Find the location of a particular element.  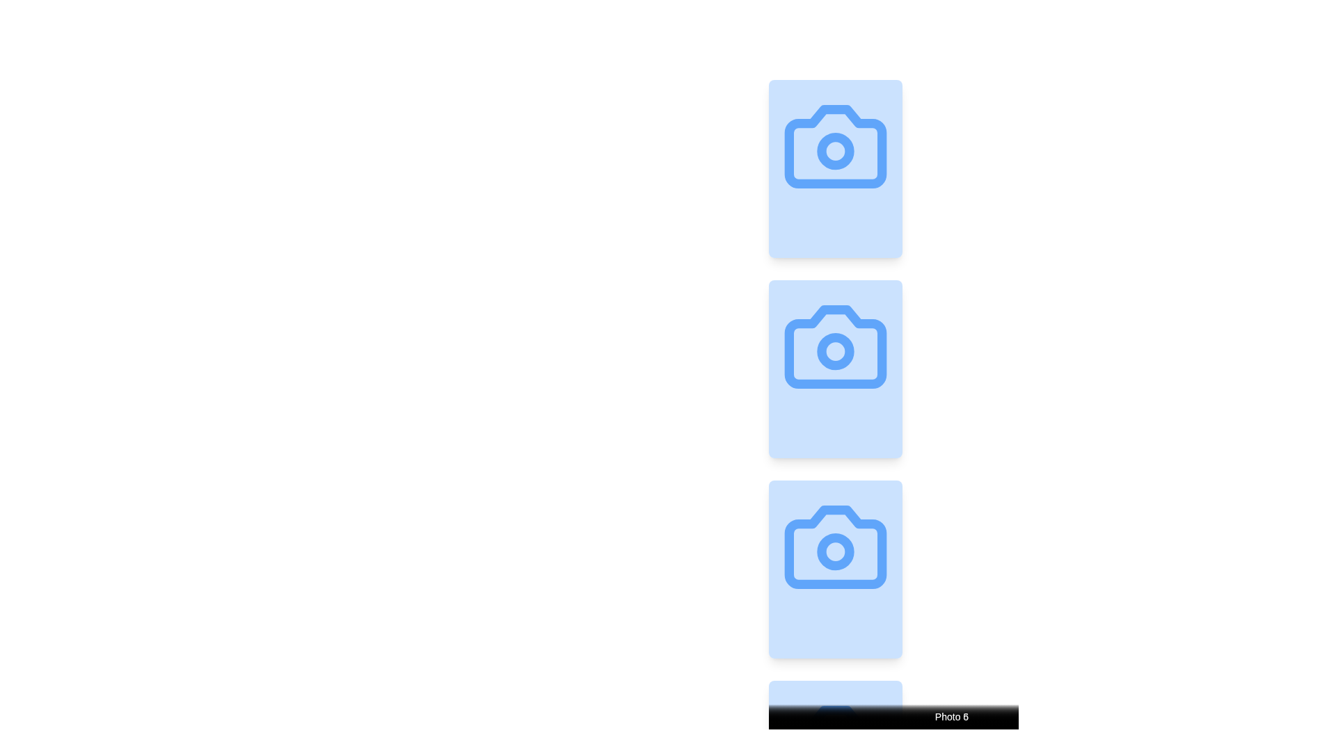

the central circular region of the camera icon is located at coordinates (835, 150).